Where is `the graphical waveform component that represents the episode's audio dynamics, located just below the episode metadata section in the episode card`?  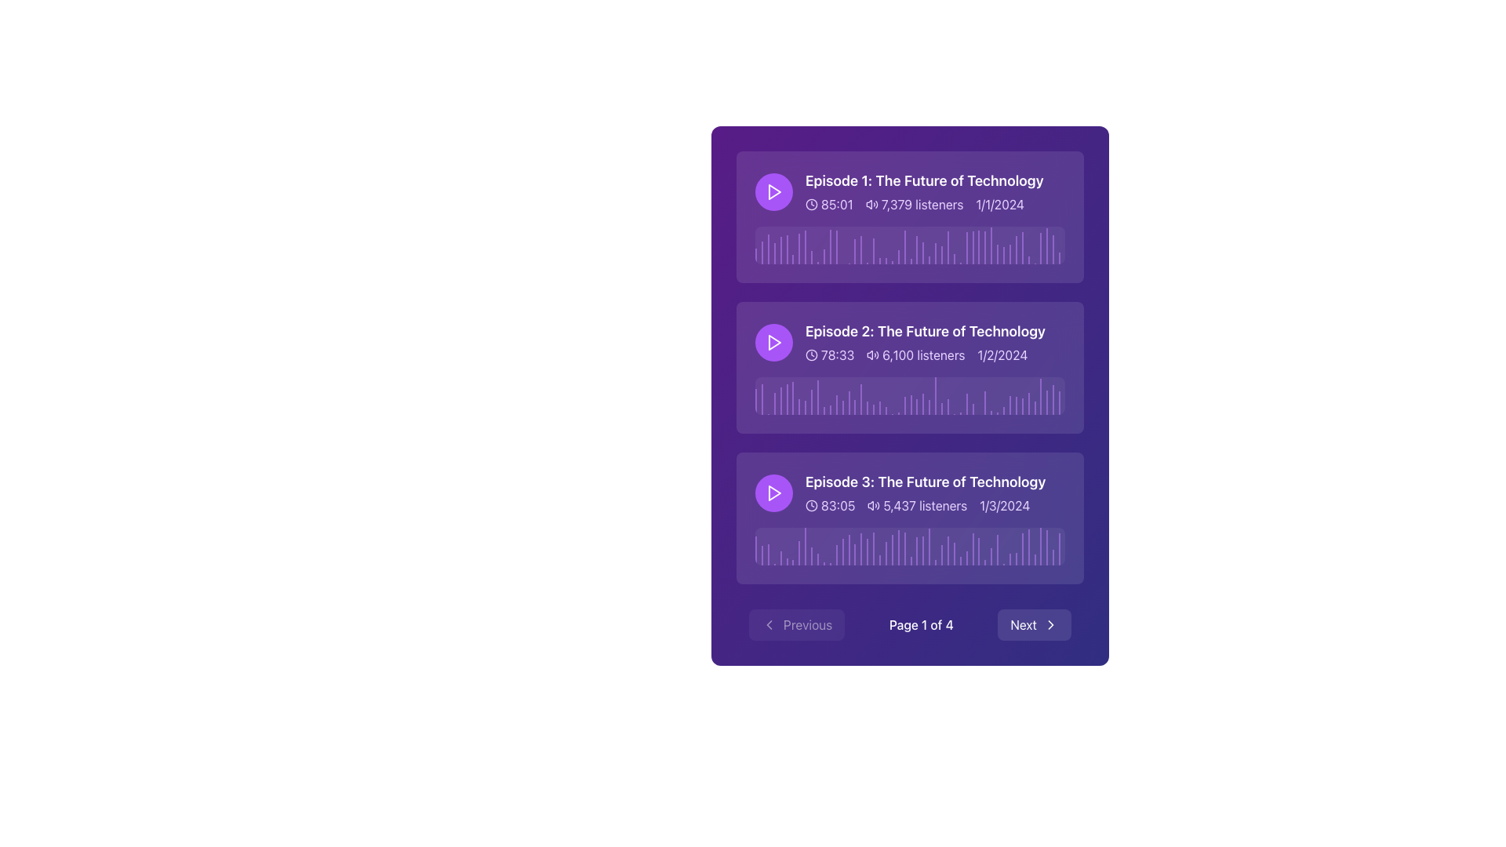 the graphical waveform component that represents the episode's audio dynamics, located just below the episode metadata section in the episode card is located at coordinates (910, 245).